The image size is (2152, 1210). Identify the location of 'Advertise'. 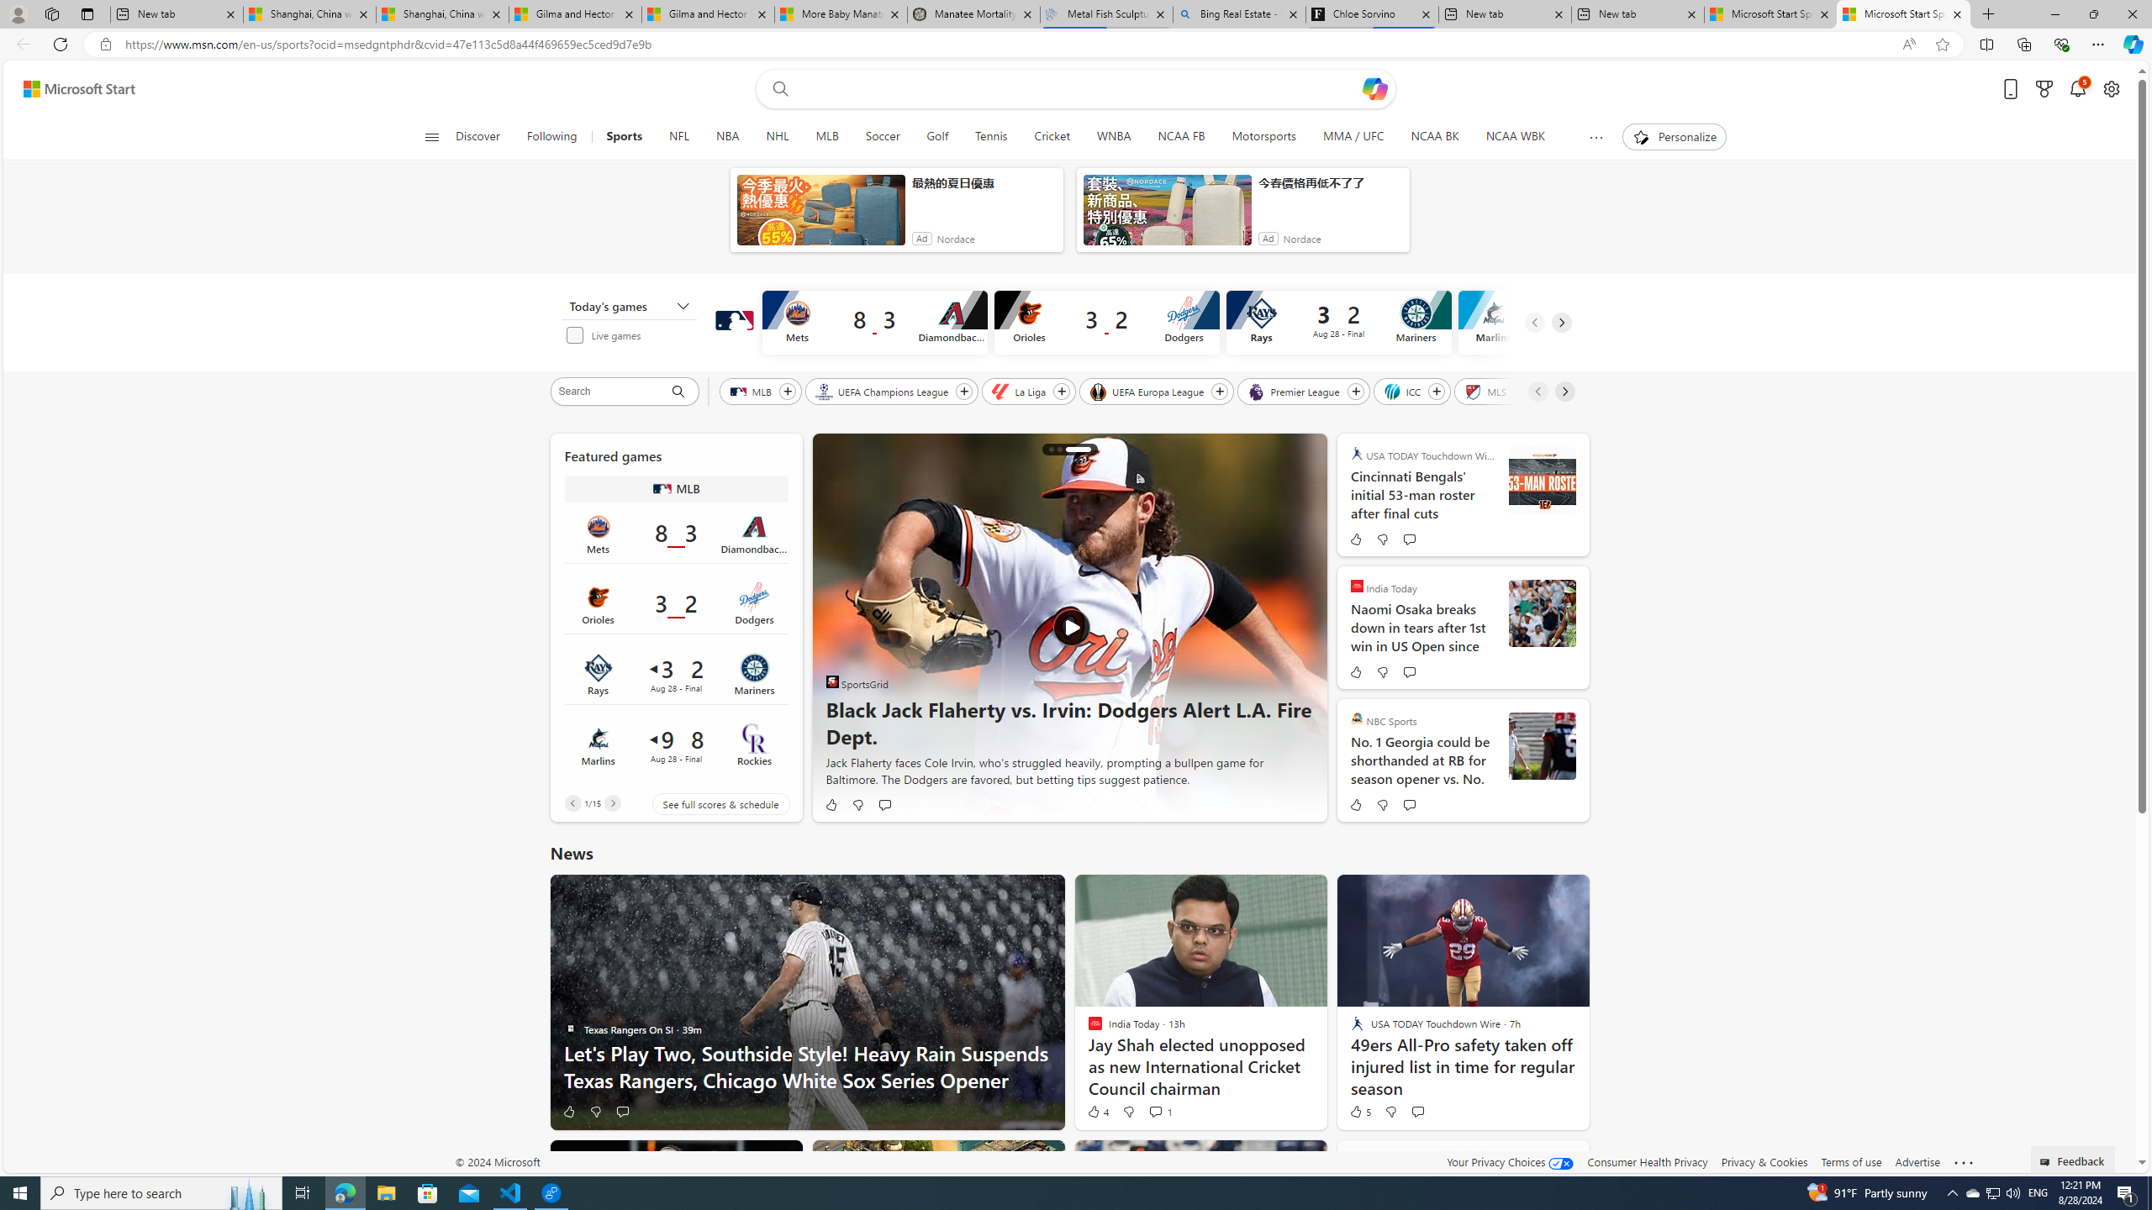
(1916, 1161).